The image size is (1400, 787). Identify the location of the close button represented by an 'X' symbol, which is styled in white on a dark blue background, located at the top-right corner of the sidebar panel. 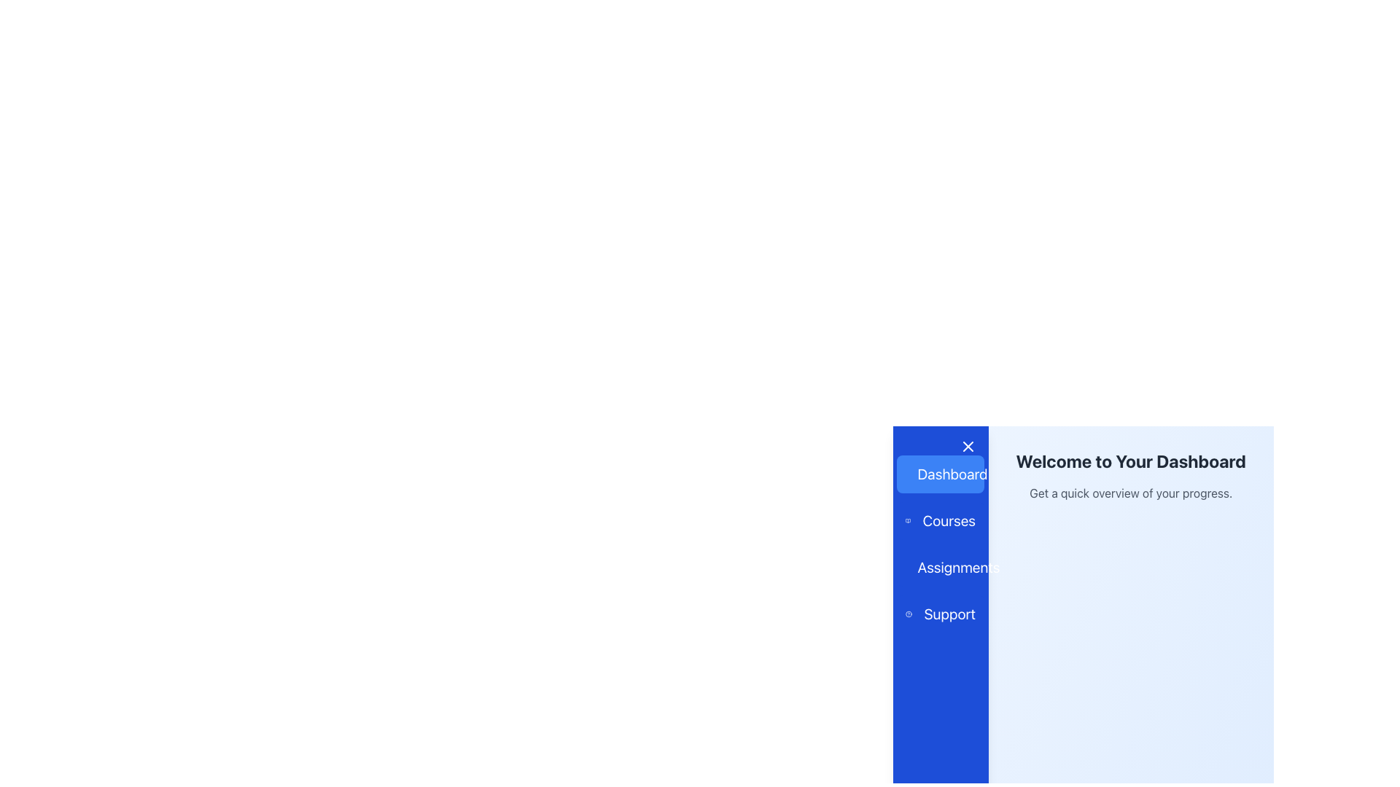
(968, 446).